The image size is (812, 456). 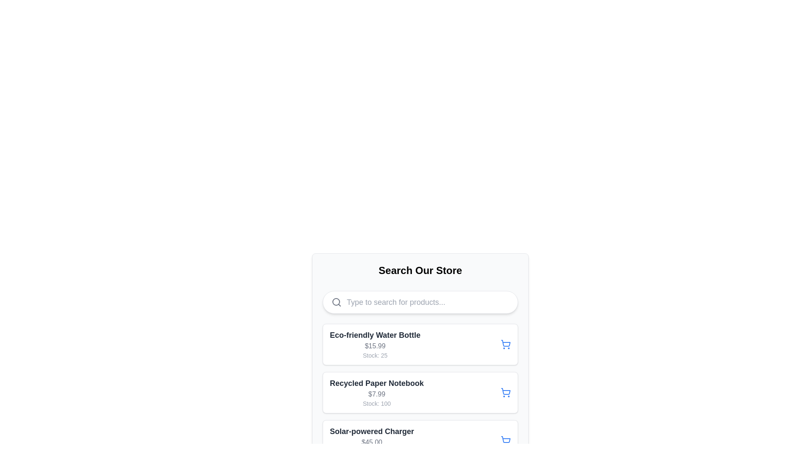 What do you see at coordinates (376, 403) in the screenshot?
I see `the static text label displaying the stock quantity 'Stock: 100' which is styled in gray and positioned under the title 'Recycled Paper Notebook' and the price '$7.99'` at bounding box center [376, 403].